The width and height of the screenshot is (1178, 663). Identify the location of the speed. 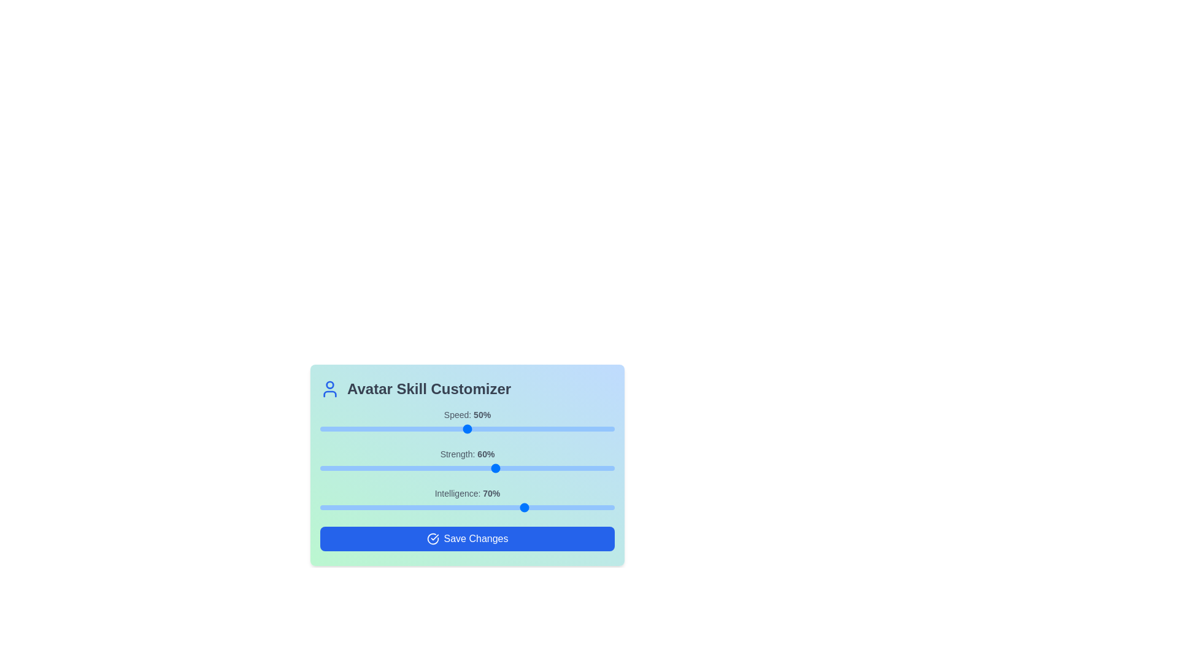
(414, 428).